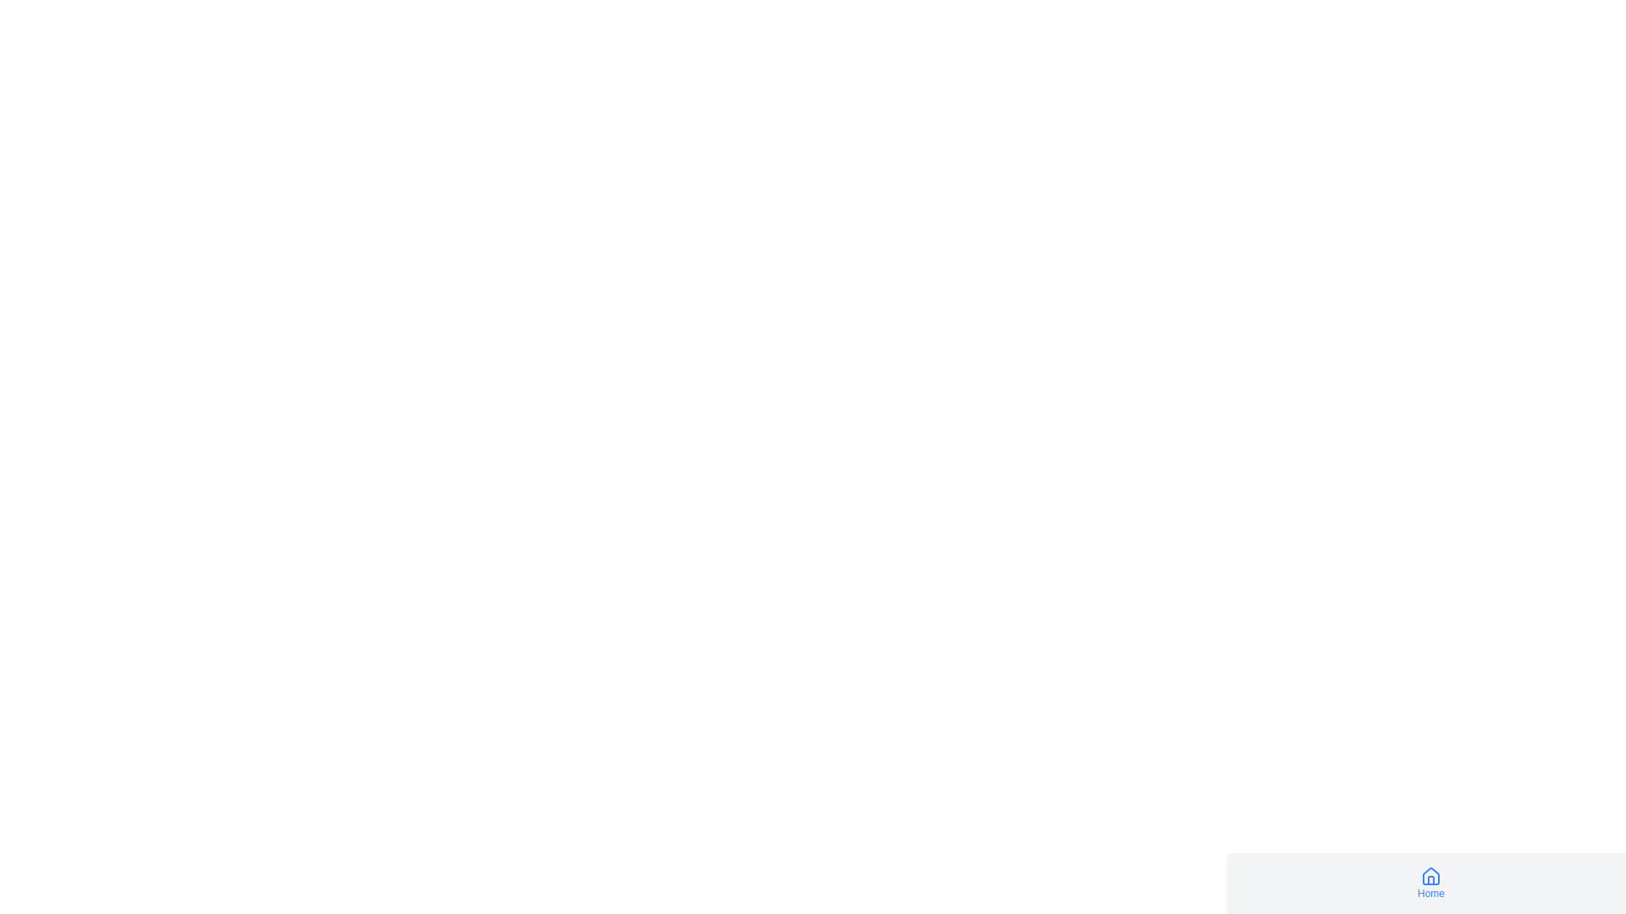 The height and width of the screenshot is (914, 1626). Describe the element at coordinates (1430, 893) in the screenshot. I see `the 'Home' text label, which is styled in small blue font and located beneath a house icon in the bottom-right corner of the interface` at that location.